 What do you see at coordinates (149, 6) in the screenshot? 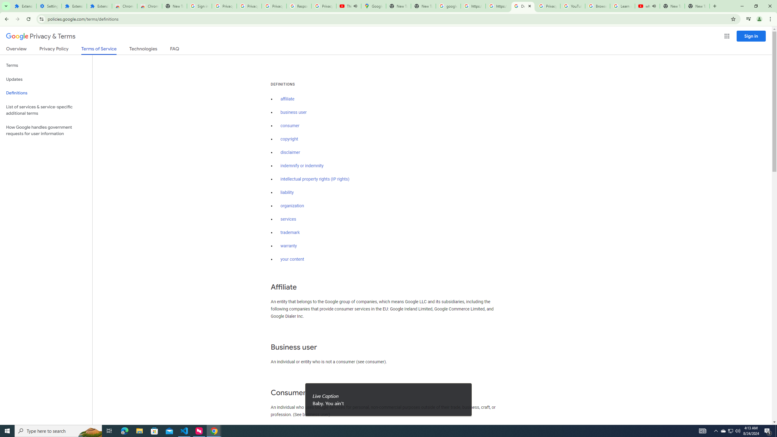
I see `'Chrome Web Store - Themes'` at bounding box center [149, 6].